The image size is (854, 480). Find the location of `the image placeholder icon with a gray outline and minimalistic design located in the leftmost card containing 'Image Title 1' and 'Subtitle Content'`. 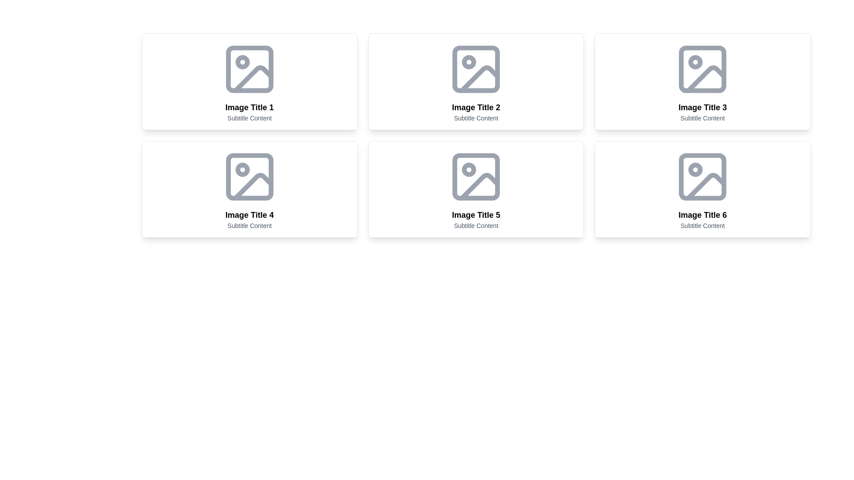

the image placeholder icon with a gray outline and minimalistic design located in the leftmost card containing 'Image Title 1' and 'Subtitle Content' is located at coordinates (249, 68).